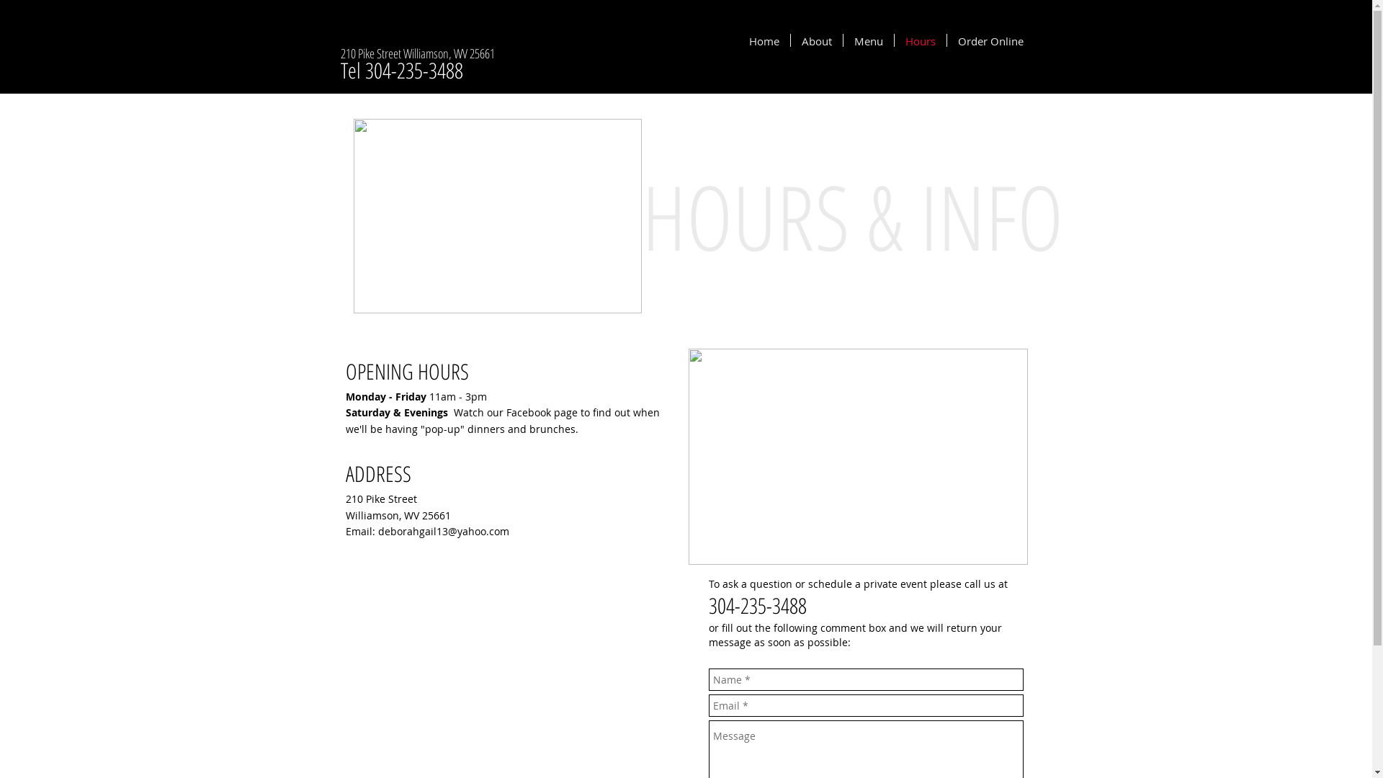 The width and height of the screenshot is (1383, 778). I want to click on 'Tel 304-235-3488', so click(339, 70).